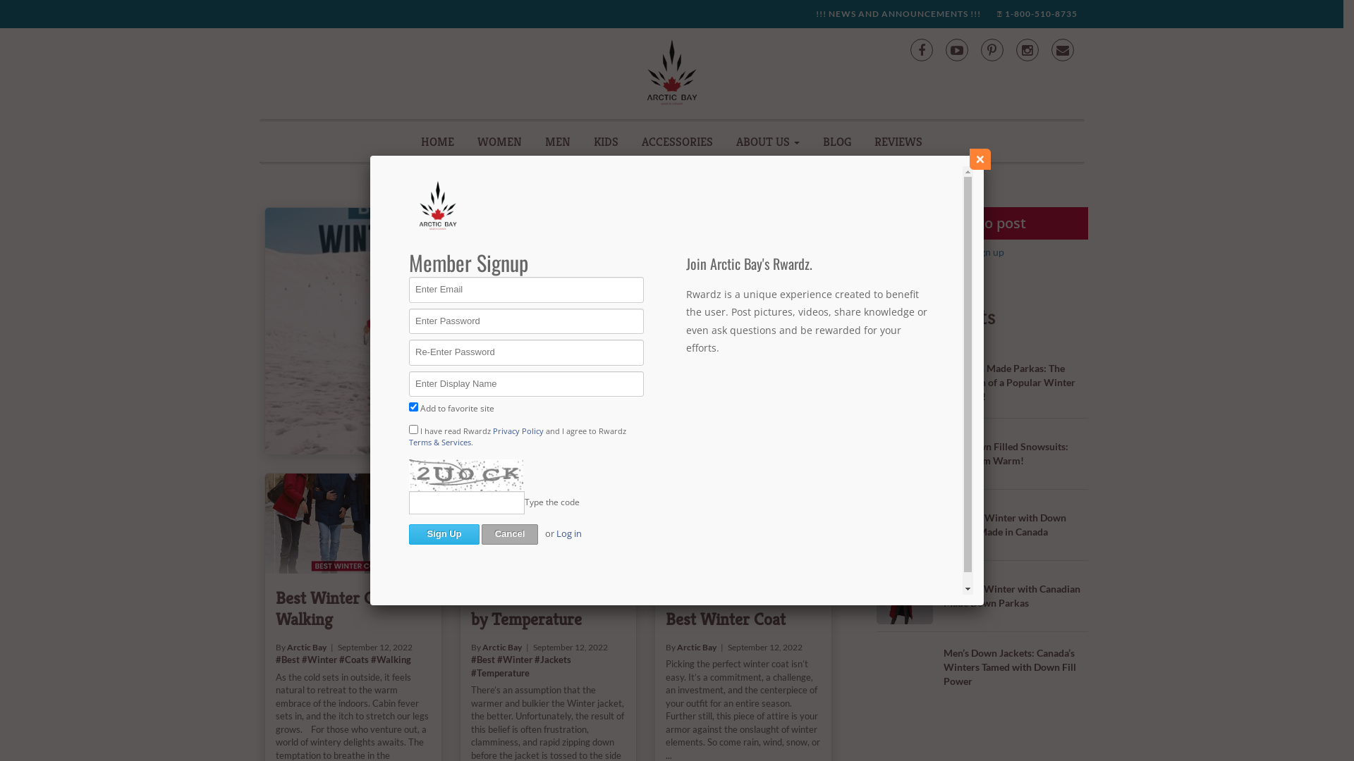 This screenshot has height=761, width=1354. What do you see at coordinates (1026, 49) in the screenshot?
I see `'Arctic Bay on Instagram'` at bounding box center [1026, 49].